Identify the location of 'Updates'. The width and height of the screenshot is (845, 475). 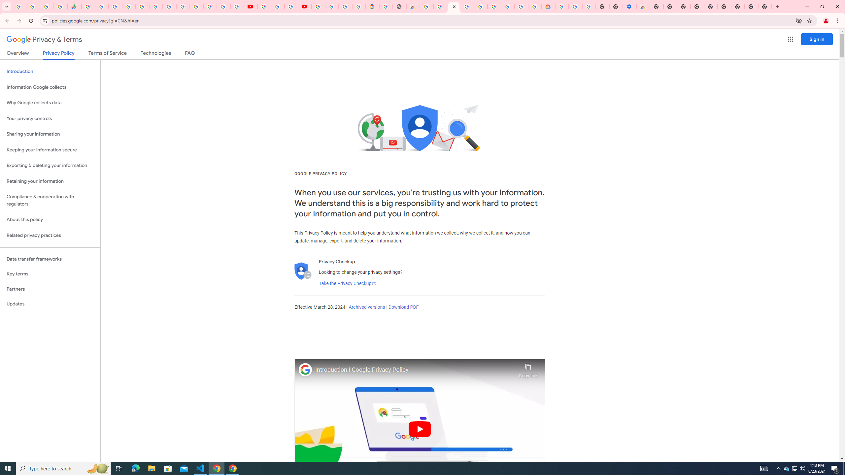
(50, 303).